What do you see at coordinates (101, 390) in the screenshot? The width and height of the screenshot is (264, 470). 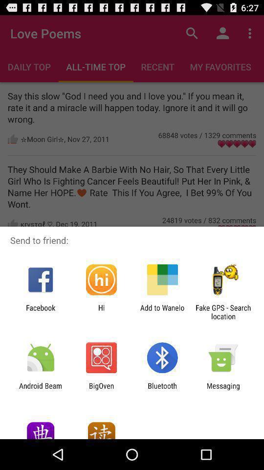 I see `bigoven` at bounding box center [101, 390].